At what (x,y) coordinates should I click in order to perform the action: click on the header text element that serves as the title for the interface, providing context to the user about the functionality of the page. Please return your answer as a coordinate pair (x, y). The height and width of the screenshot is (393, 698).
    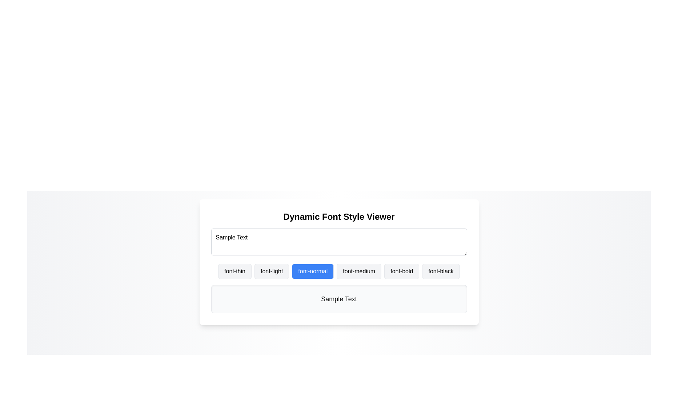
    Looking at the image, I should click on (338, 217).